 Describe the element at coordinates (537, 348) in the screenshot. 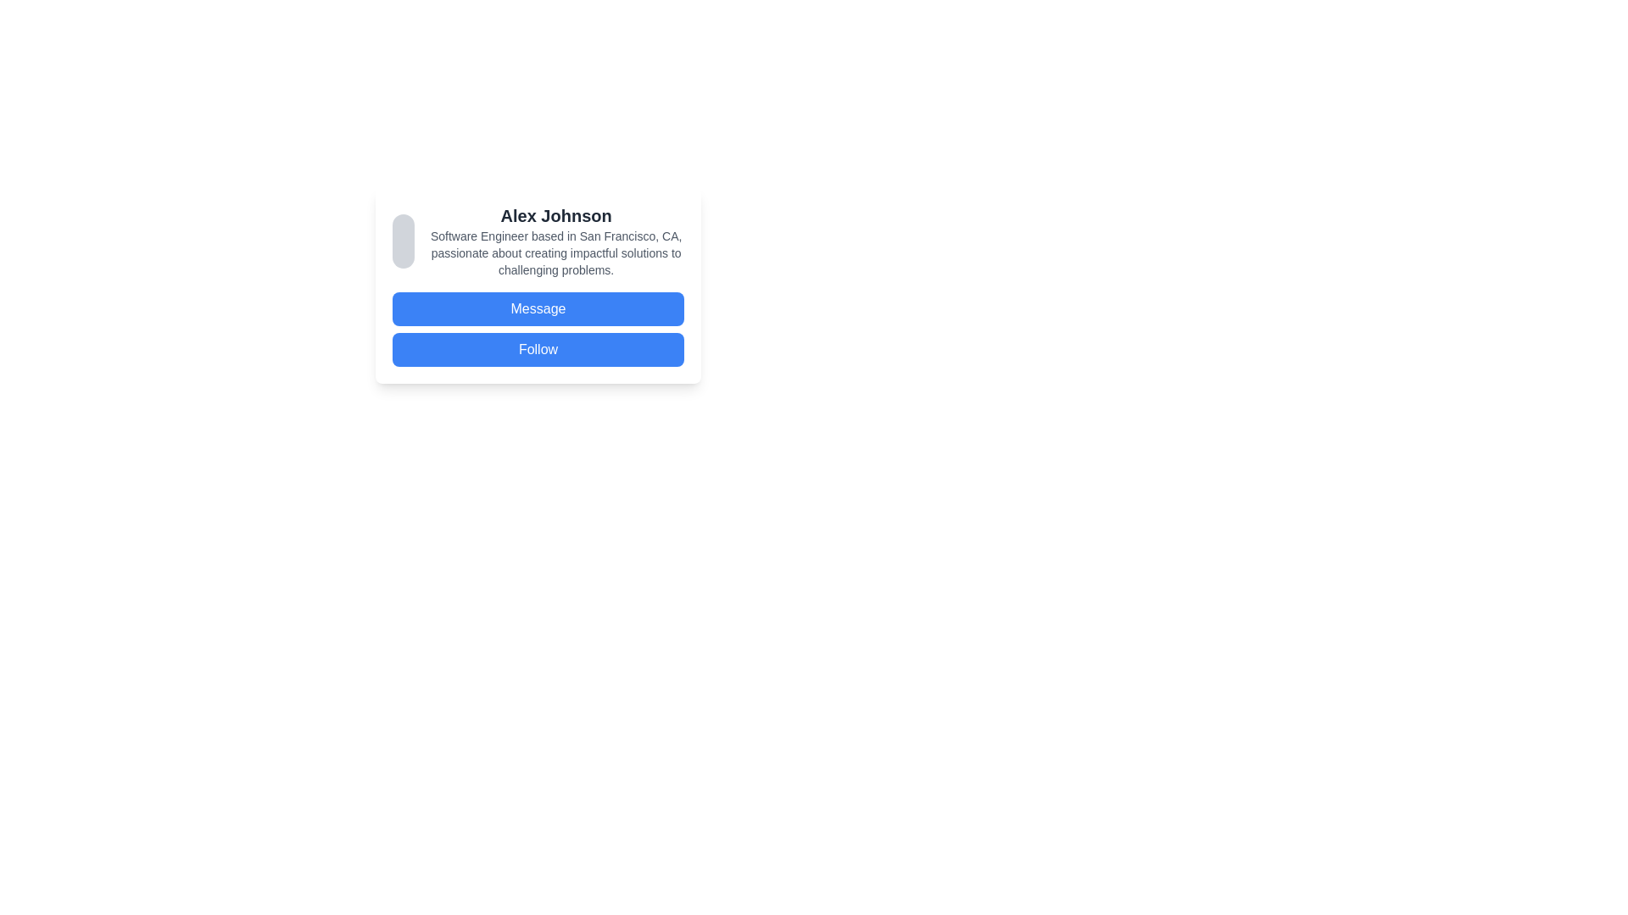

I see `the follow button located beneath the 'Message' button to initiate a follow action for the individual profiled in the interface` at that location.